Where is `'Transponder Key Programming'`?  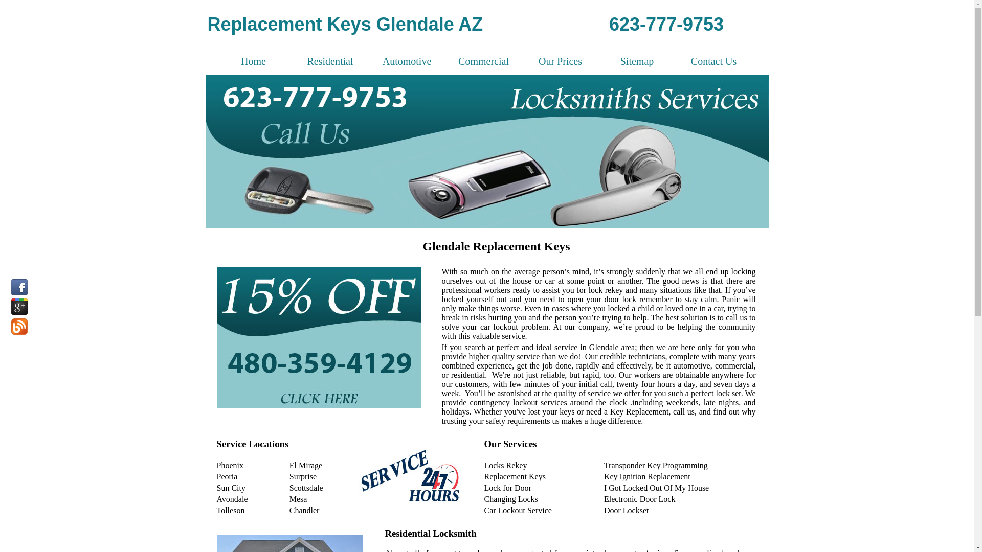
'Transponder Key Programming' is located at coordinates (656, 465).